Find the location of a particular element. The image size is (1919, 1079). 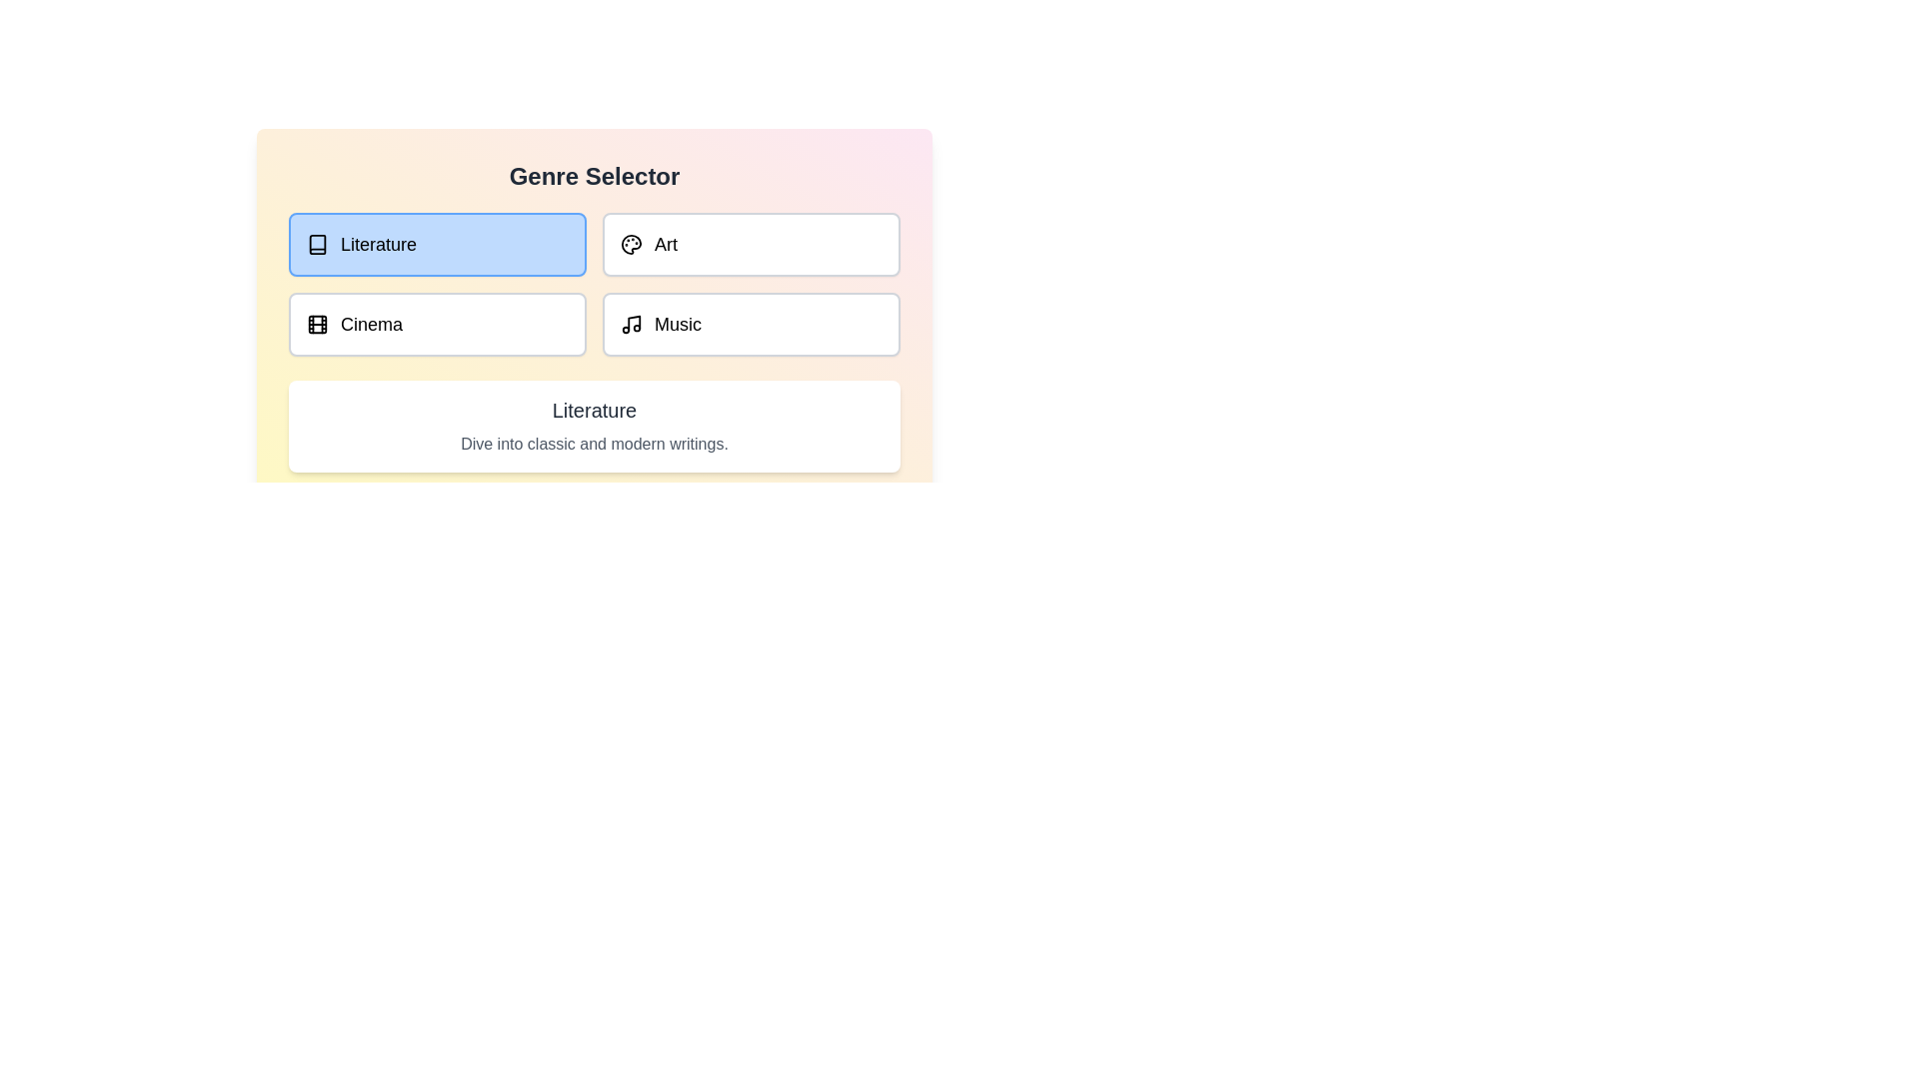

the small closed book icon with a rectangular outline located in the upper-left portion of the 'Literature' button, which is part of a genre selection box is located at coordinates (316, 244).